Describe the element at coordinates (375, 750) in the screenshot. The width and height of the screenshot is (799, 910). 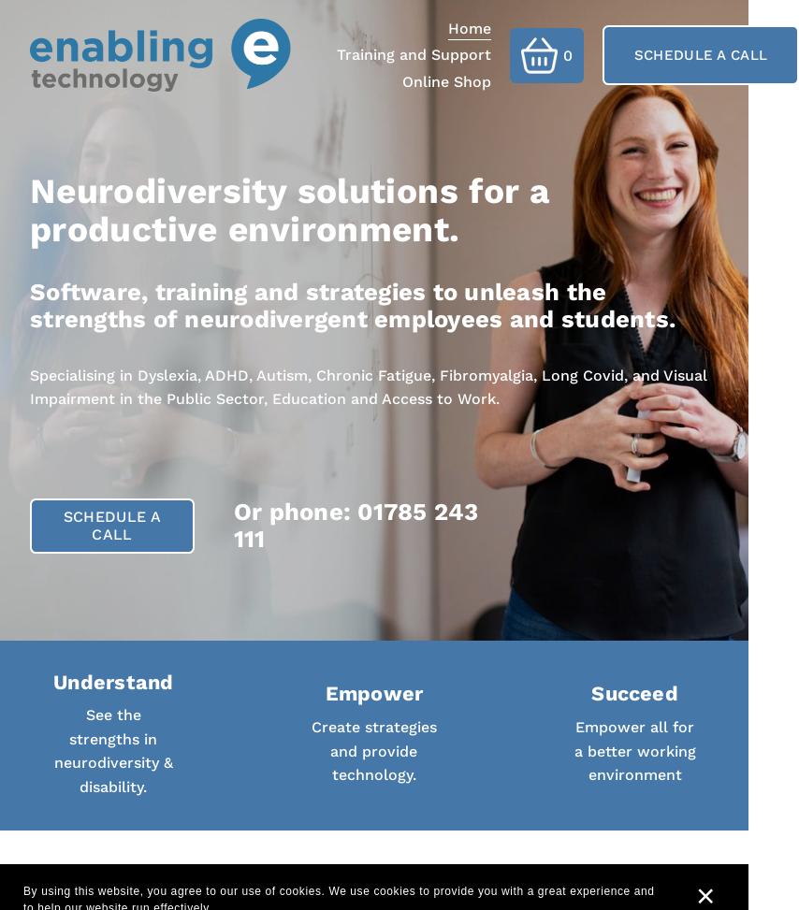
I see `'Create strategies and provide technology.'` at that location.